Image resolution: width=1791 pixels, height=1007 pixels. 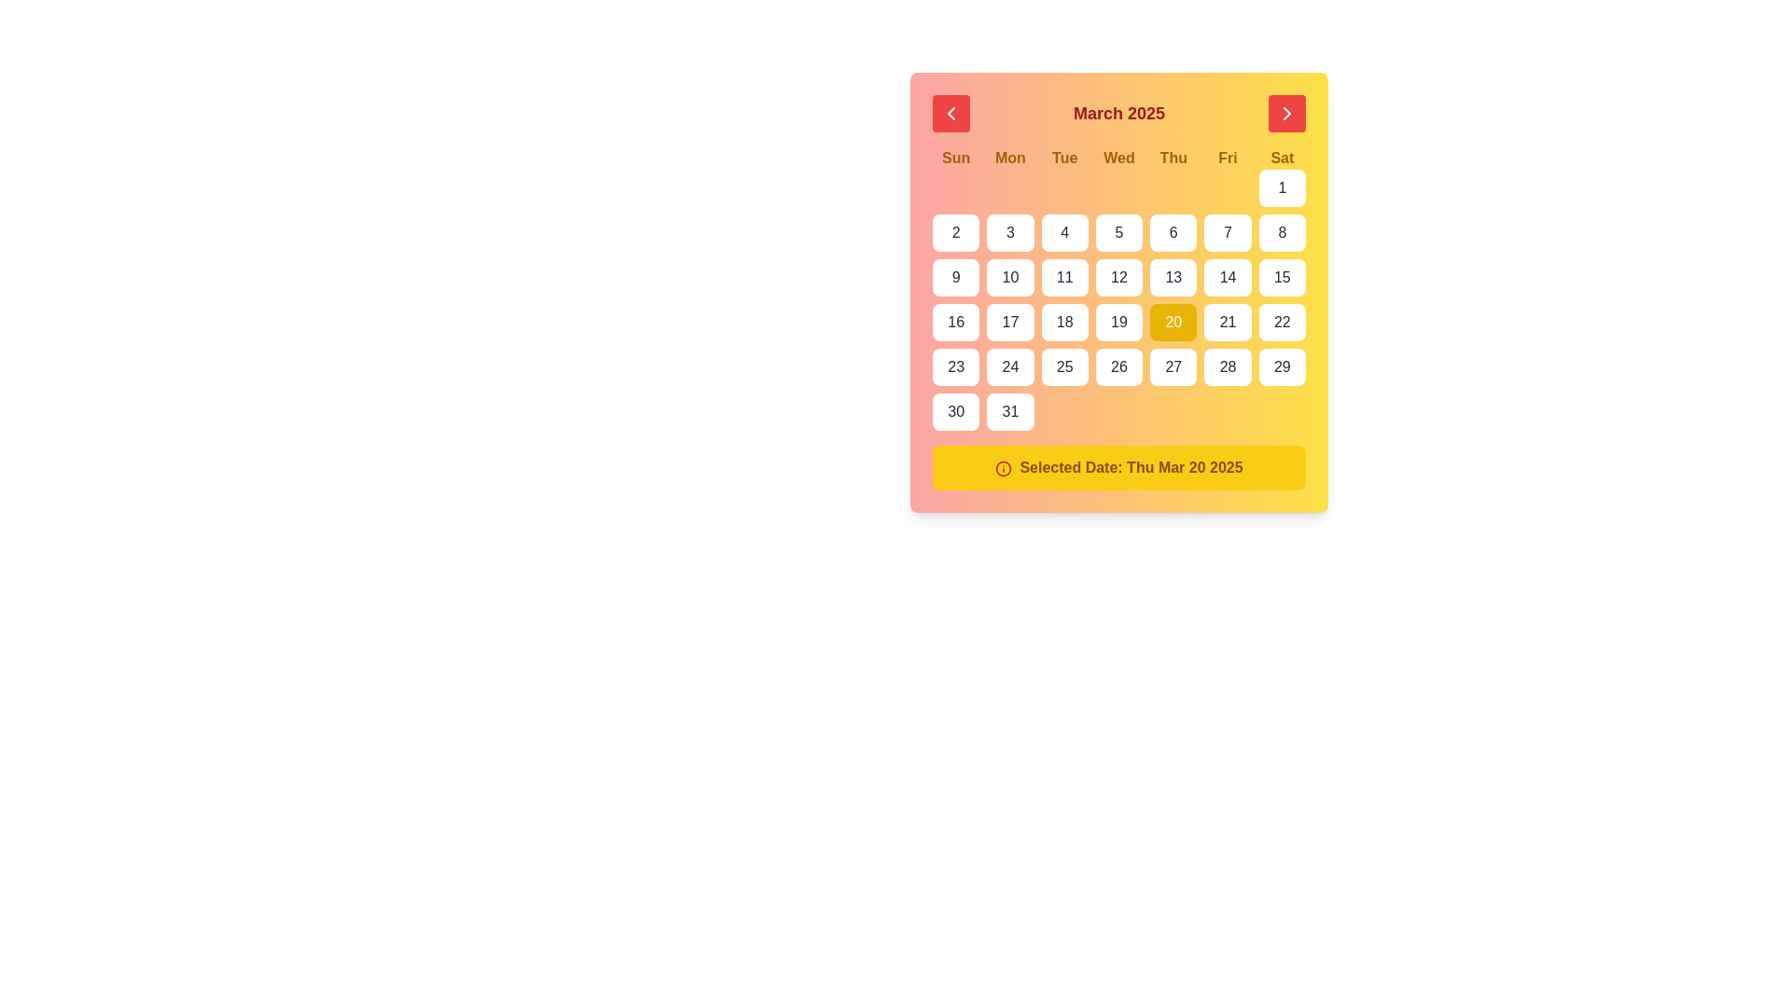 What do you see at coordinates (956, 232) in the screenshot?
I see `the button` at bounding box center [956, 232].